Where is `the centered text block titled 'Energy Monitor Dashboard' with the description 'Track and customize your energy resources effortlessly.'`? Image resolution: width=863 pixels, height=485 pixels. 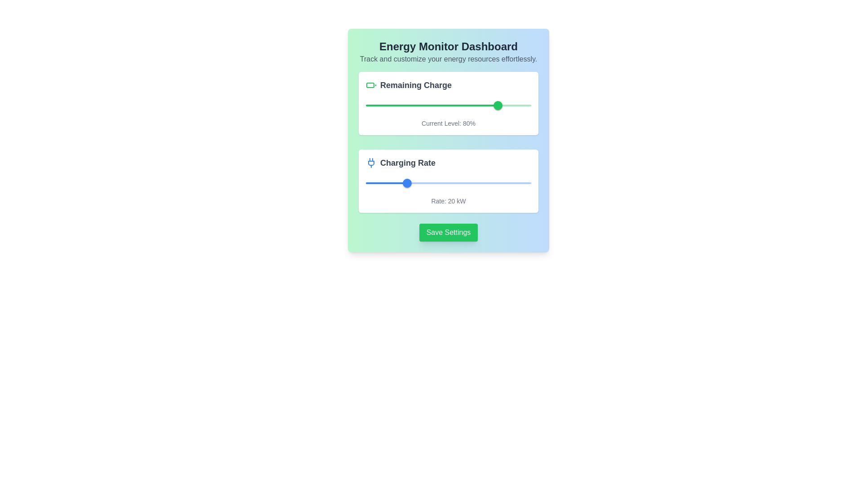
the centered text block titled 'Energy Monitor Dashboard' with the description 'Track and customize your energy resources effortlessly.' is located at coordinates (449, 52).